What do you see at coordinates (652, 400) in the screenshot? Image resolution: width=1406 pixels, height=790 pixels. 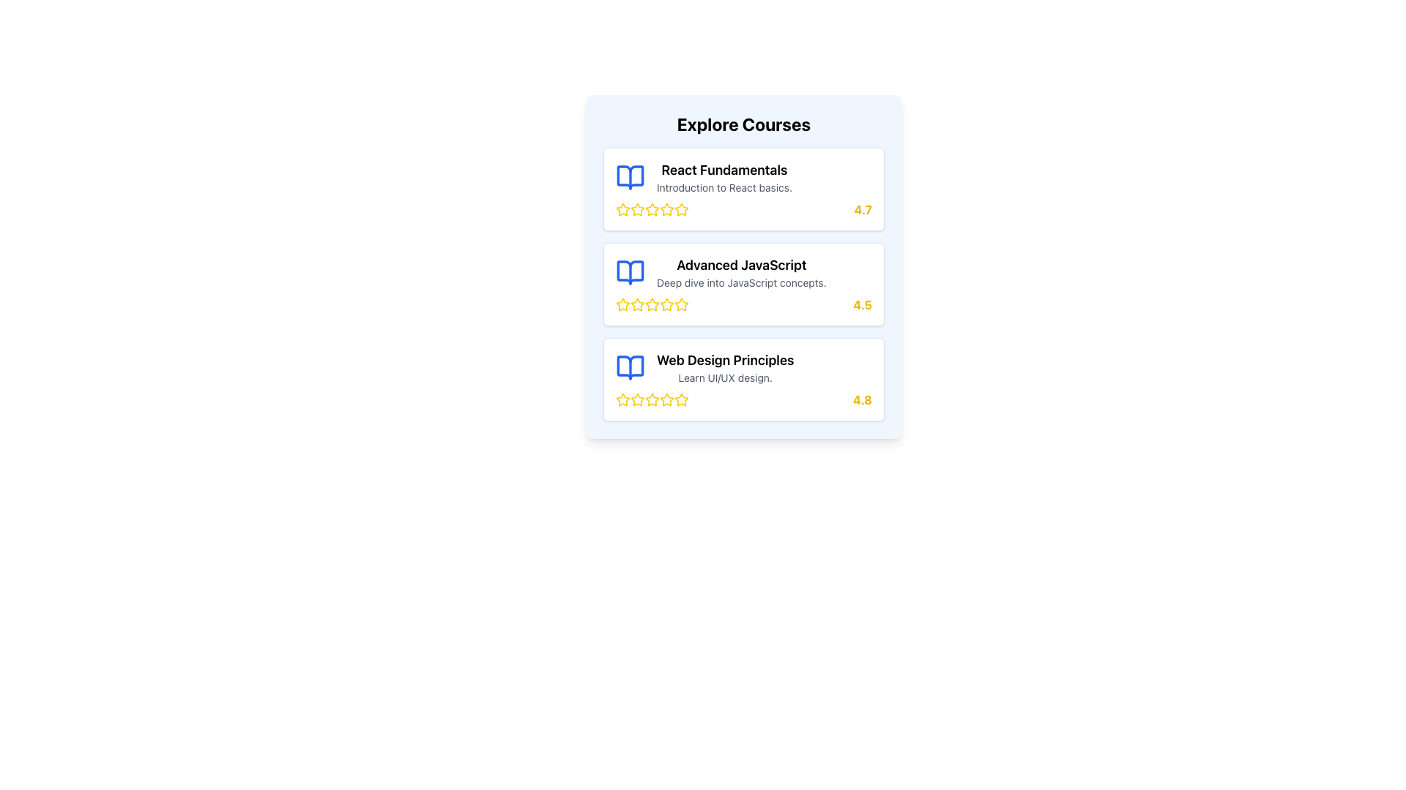 I see `the sixth star icon in the rating system for the 'Web Design Principles' course, which is visually used to depict a rating of 4.8` at bounding box center [652, 400].